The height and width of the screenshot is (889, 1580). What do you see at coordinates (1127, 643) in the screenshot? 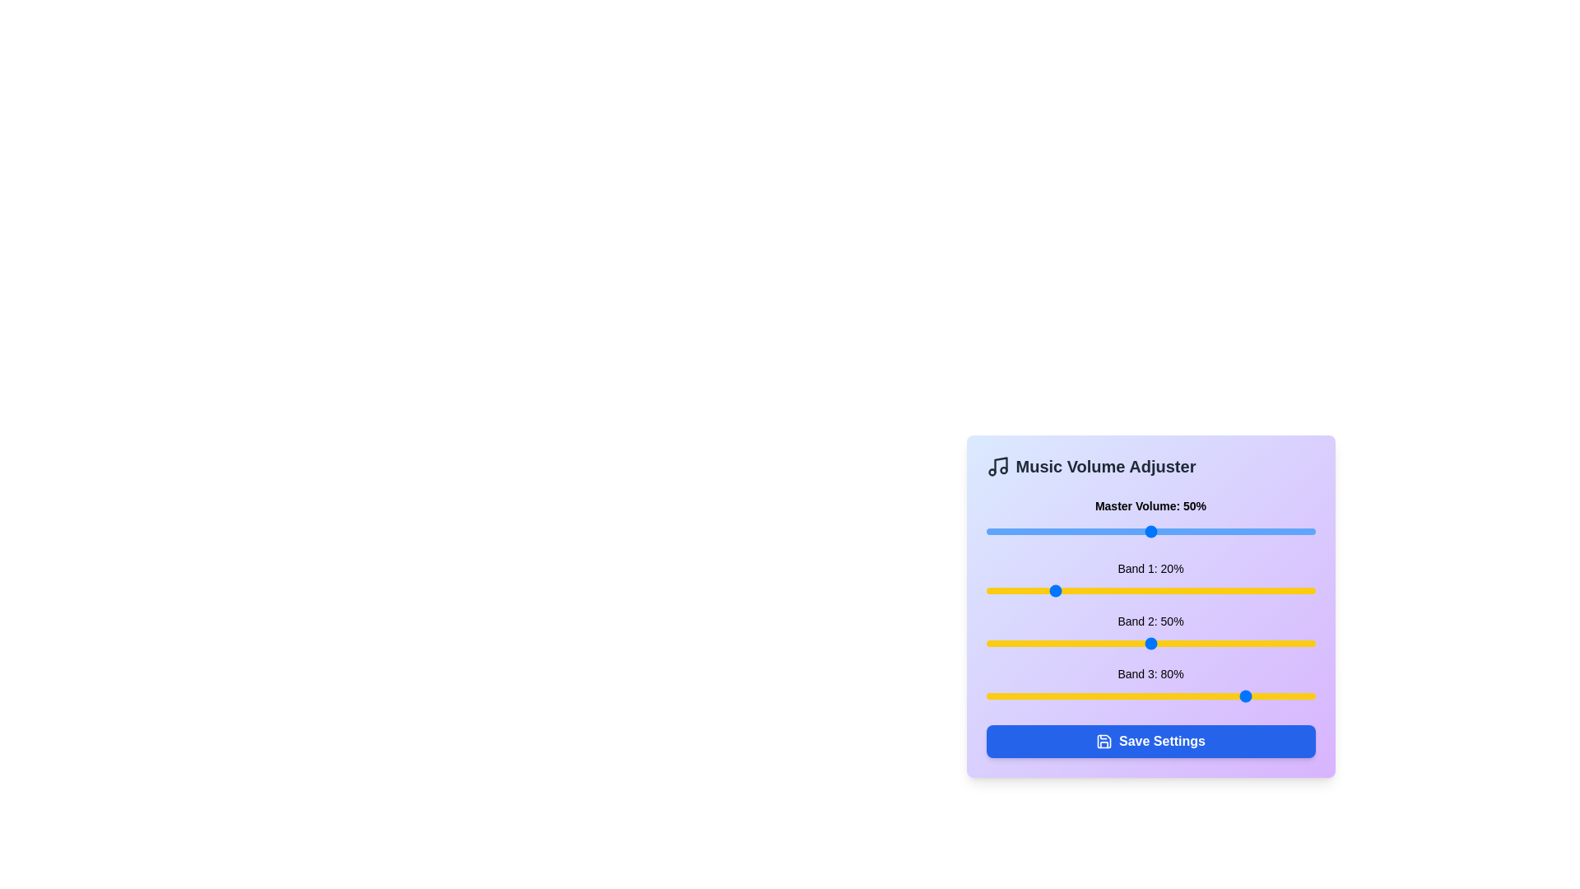
I see `'Band 2' value` at bounding box center [1127, 643].